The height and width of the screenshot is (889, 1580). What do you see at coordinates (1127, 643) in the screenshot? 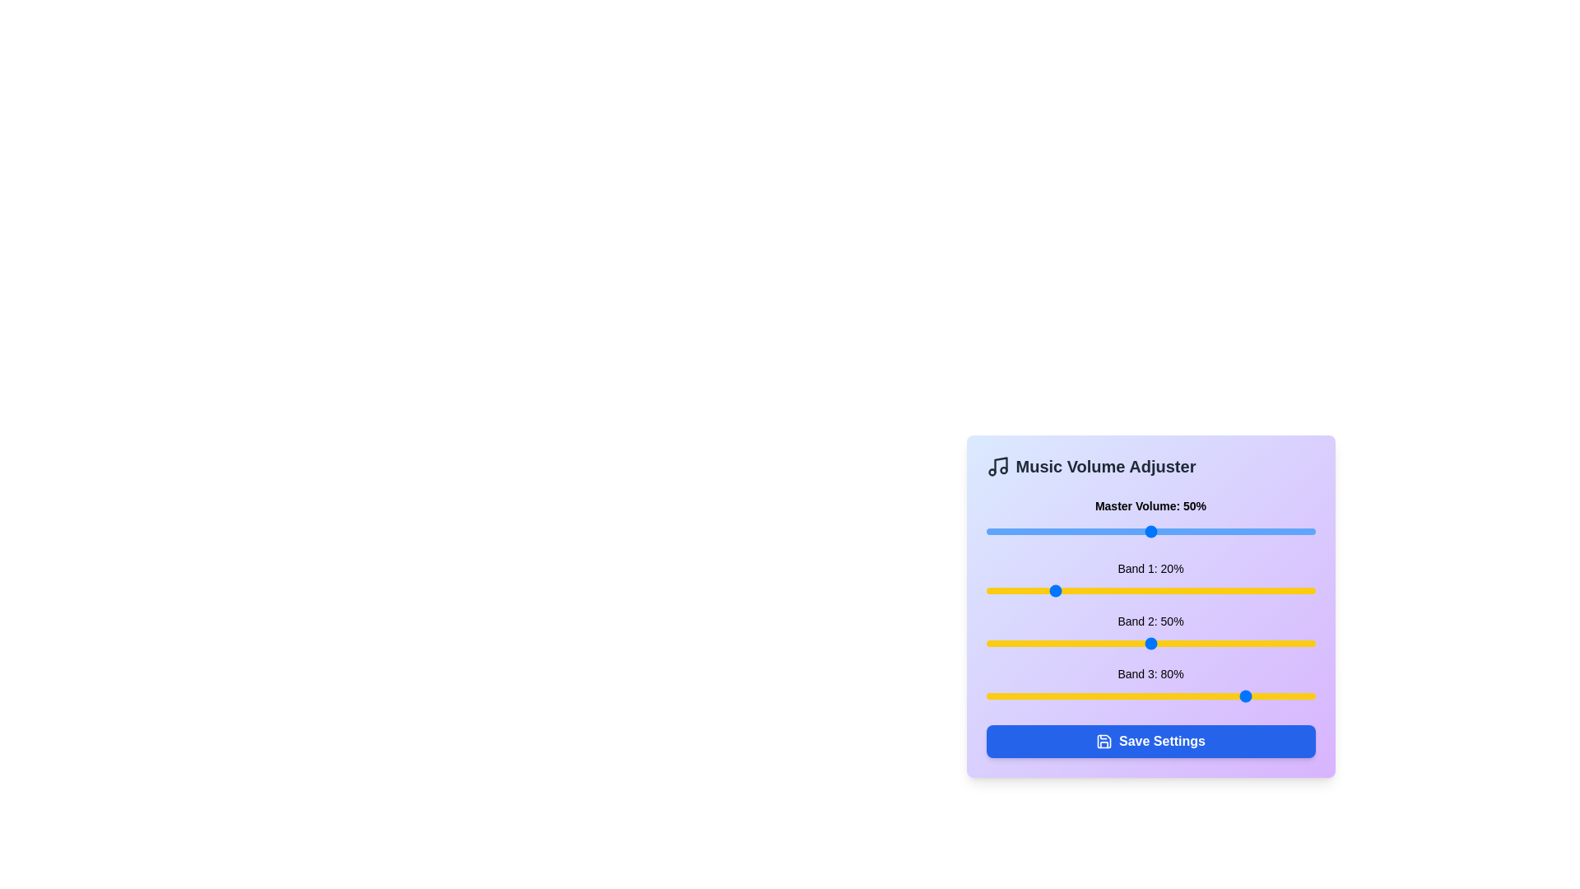
I see `'Band 2' value` at bounding box center [1127, 643].